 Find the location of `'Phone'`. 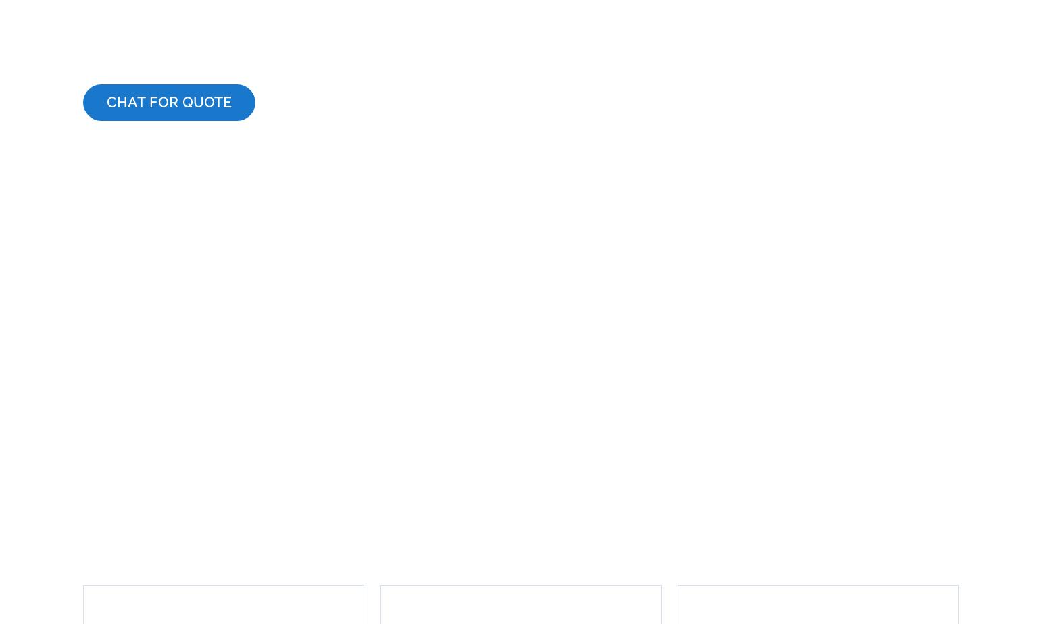

'Phone' is located at coordinates (470, 497).